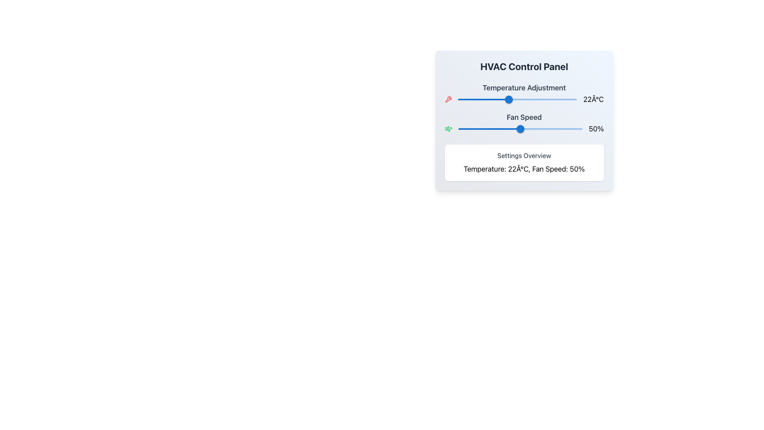 This screenshot has height=430, width=764. I want to click on the slider value, so click(532, 129).